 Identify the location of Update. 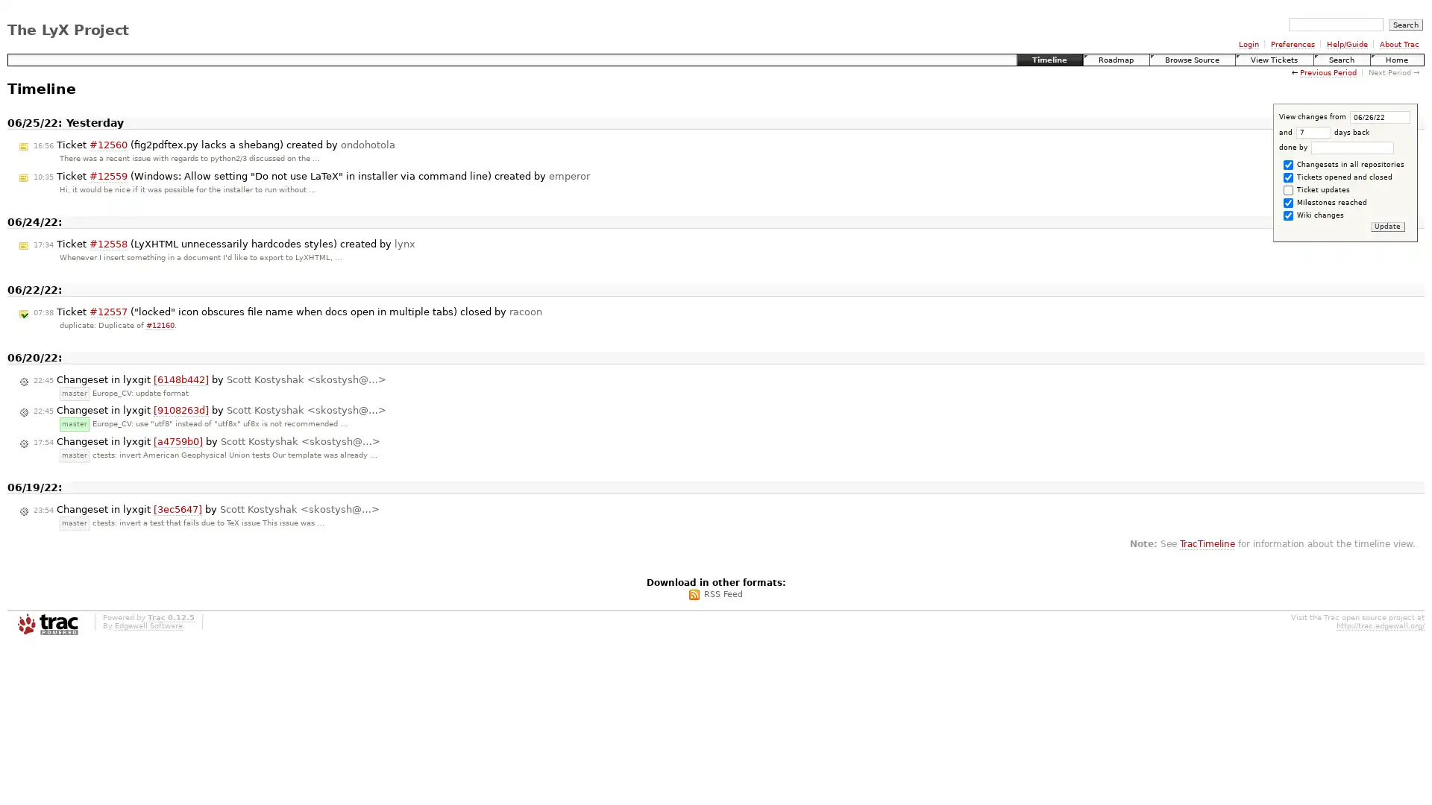
(1387, 227).